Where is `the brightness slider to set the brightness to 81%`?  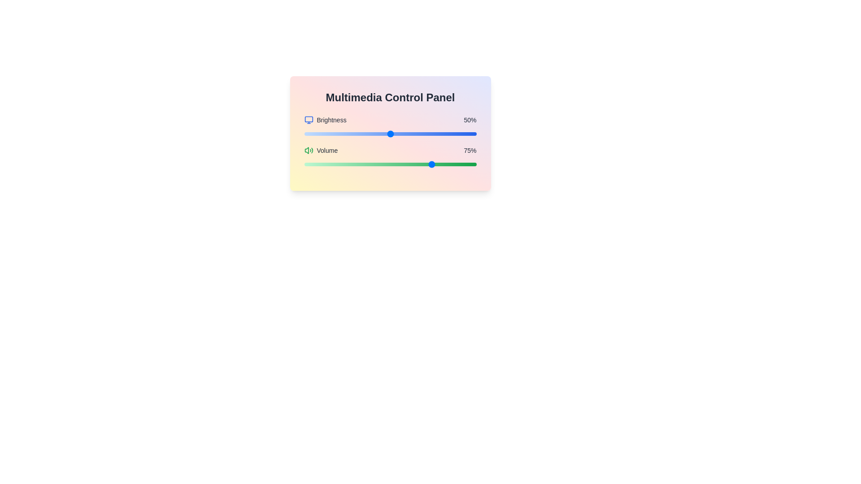 the brightness slider to set the brightness to 81% is located at coordinates (444, 134).